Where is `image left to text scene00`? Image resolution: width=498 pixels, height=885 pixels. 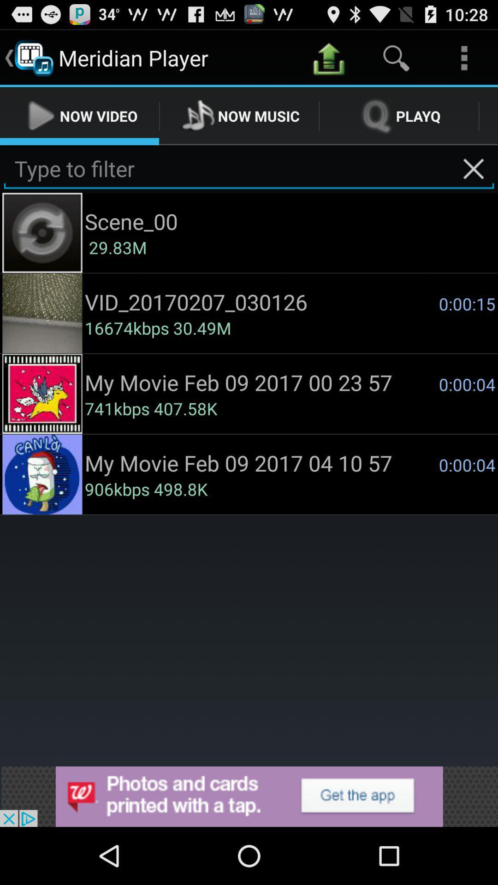
image left to text scene00 is located at coordinates (42, 233).